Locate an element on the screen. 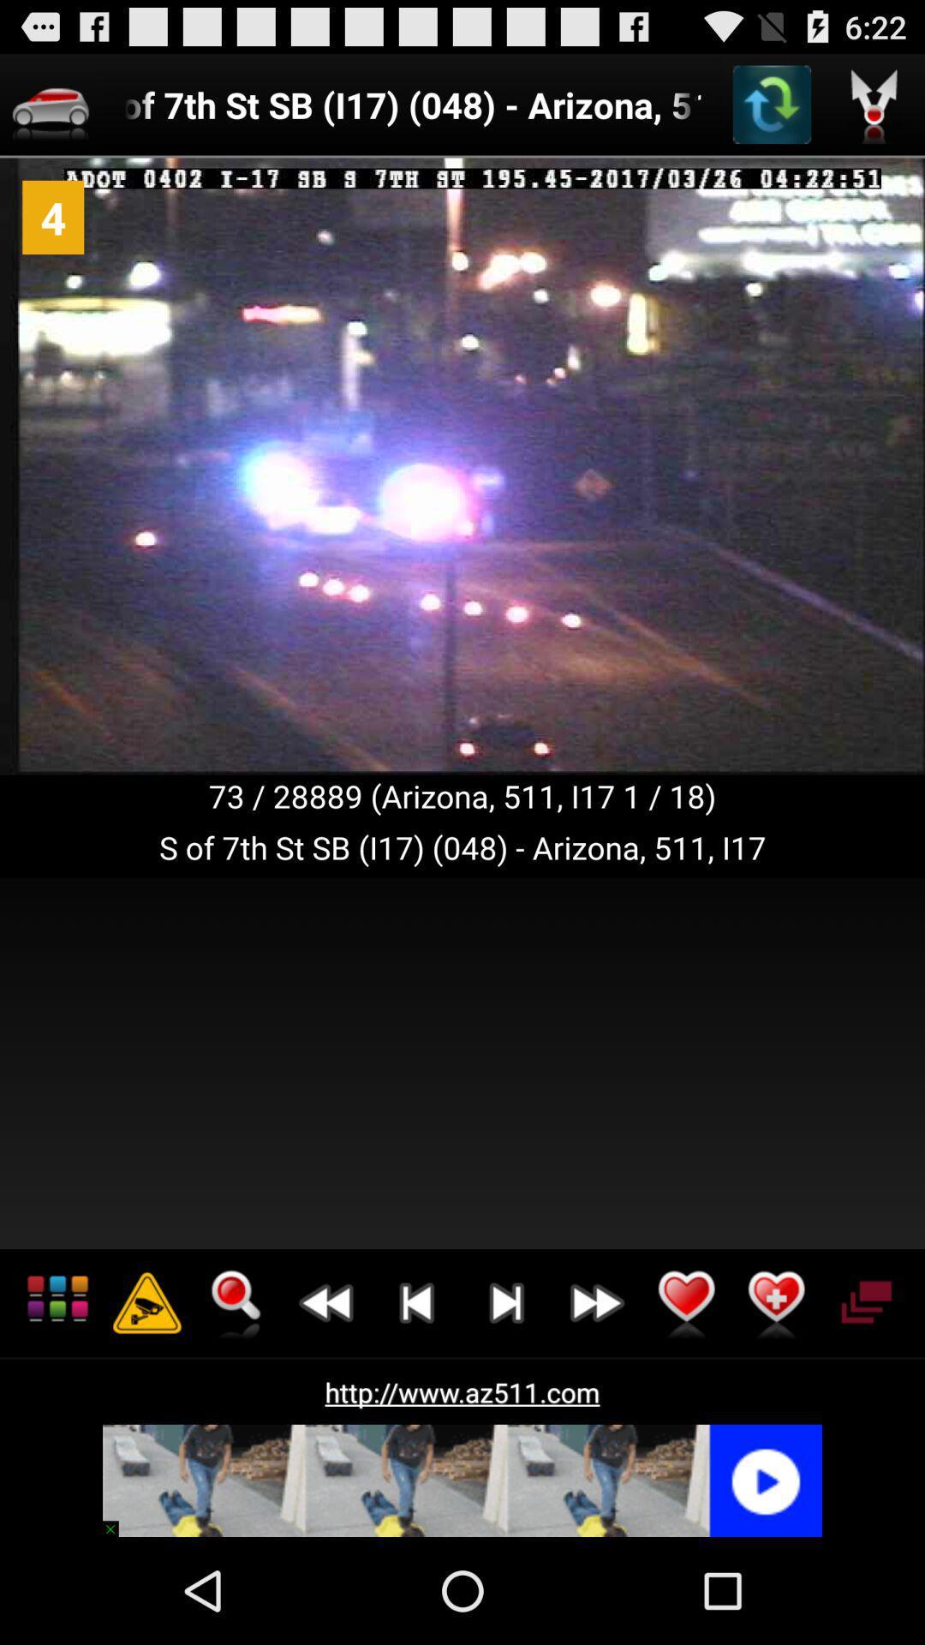 This screenshot has width=925, height=1645. http www az511 item is located at coordinates (462, 1391).